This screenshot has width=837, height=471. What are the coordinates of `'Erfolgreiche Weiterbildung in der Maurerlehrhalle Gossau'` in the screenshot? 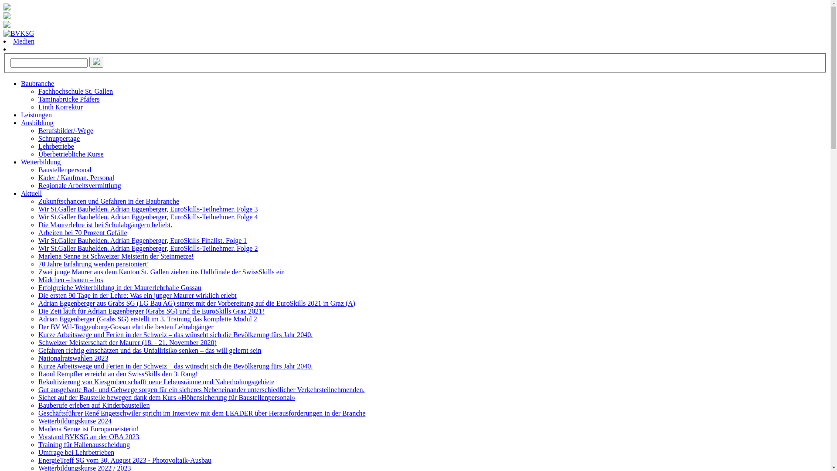 It's located at (119, 287).